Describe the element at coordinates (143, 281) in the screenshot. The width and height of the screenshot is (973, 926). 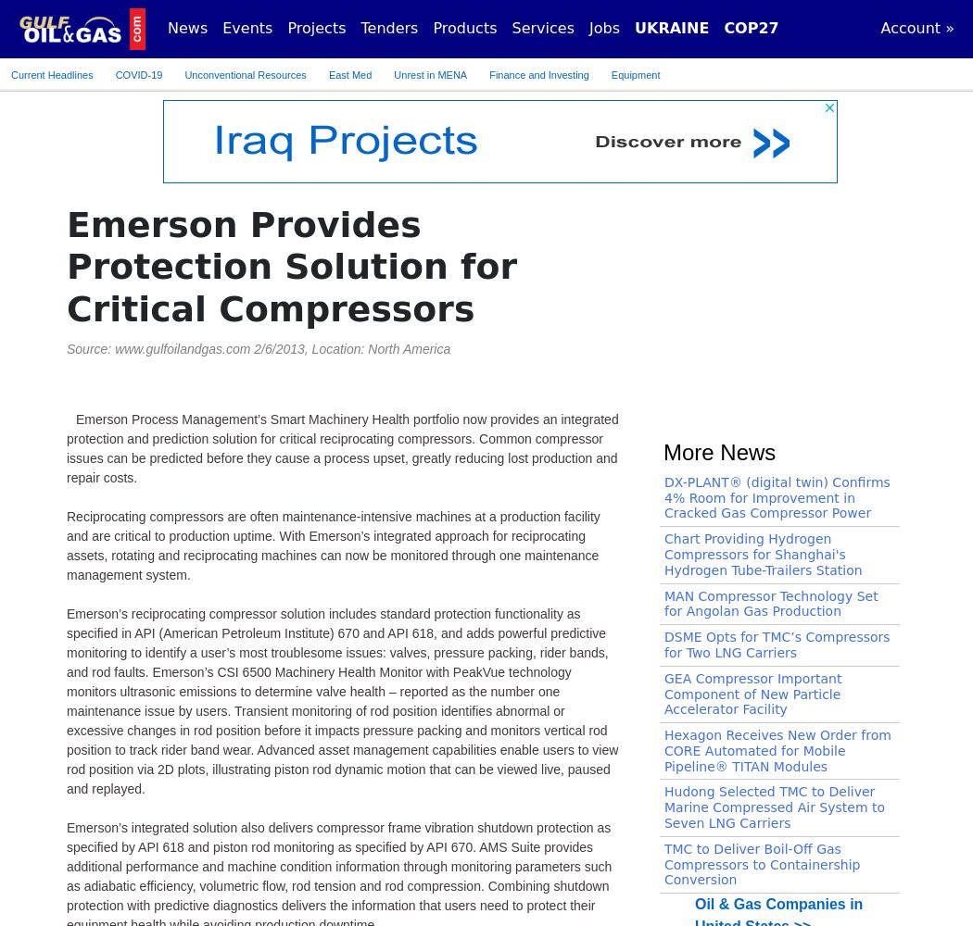
I see `'Compressors, Gas >>'` at that location.